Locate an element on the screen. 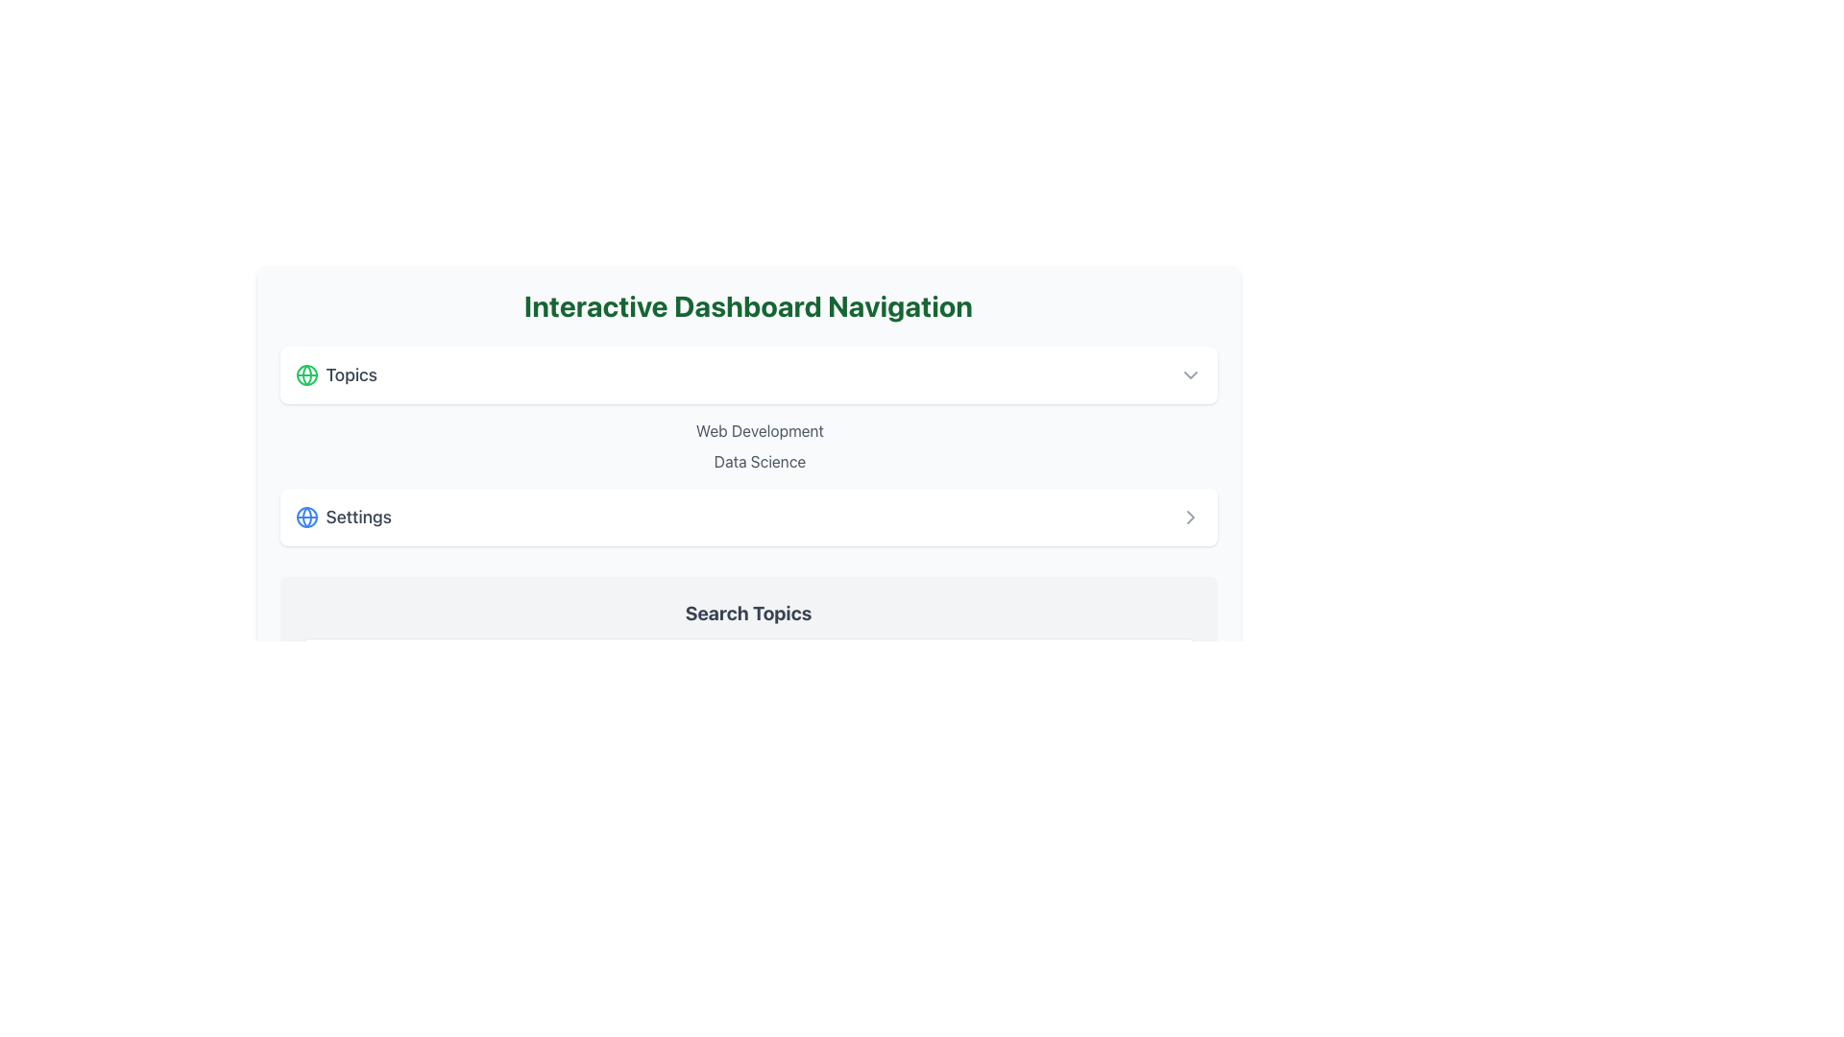 The image size is (1844, 1037). the 'Web Development' hyperlink is located at coordinates (759, 429).